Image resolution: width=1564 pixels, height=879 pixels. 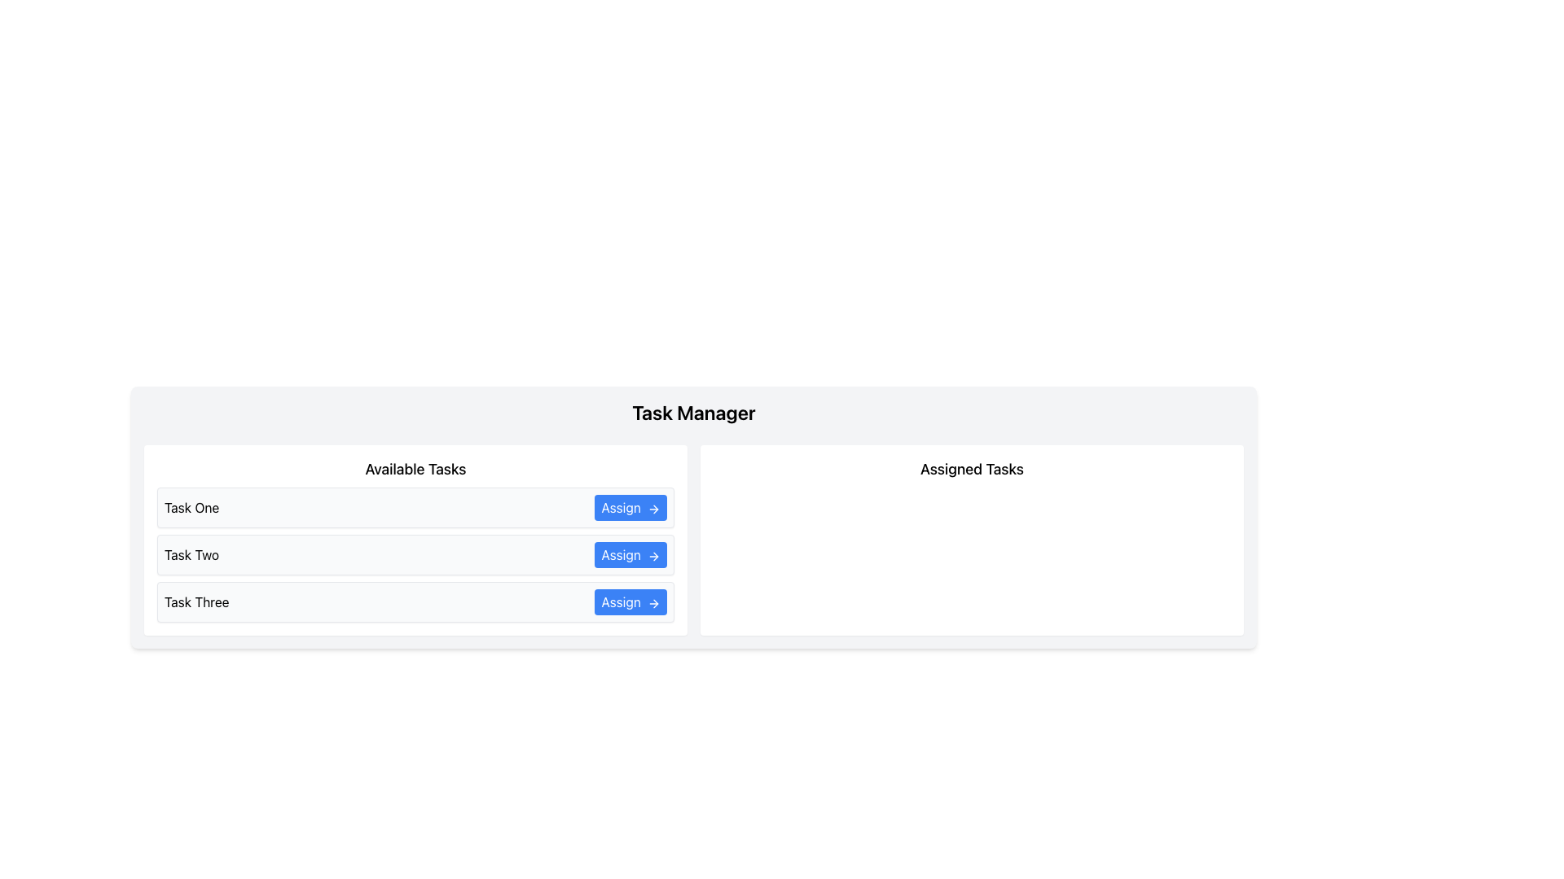 What do you see at coordinates (415, 554) in the screenshot?
I see `task name 'Task Two' from the composite UI component located in the 'Available Tasks' column, positioned below 'Task One' and above 'Task Three'` at bounding box center [415, 554].